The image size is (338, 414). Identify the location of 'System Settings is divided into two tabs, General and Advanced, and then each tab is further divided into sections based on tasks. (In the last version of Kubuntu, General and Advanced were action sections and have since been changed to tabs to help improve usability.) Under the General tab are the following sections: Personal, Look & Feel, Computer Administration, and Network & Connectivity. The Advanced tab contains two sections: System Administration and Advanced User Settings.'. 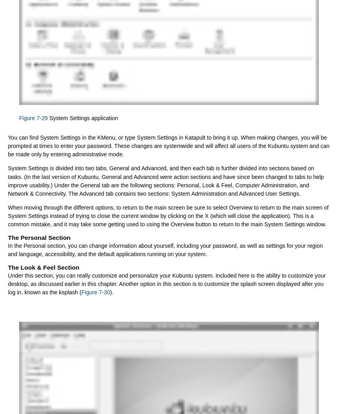
(166, 180).